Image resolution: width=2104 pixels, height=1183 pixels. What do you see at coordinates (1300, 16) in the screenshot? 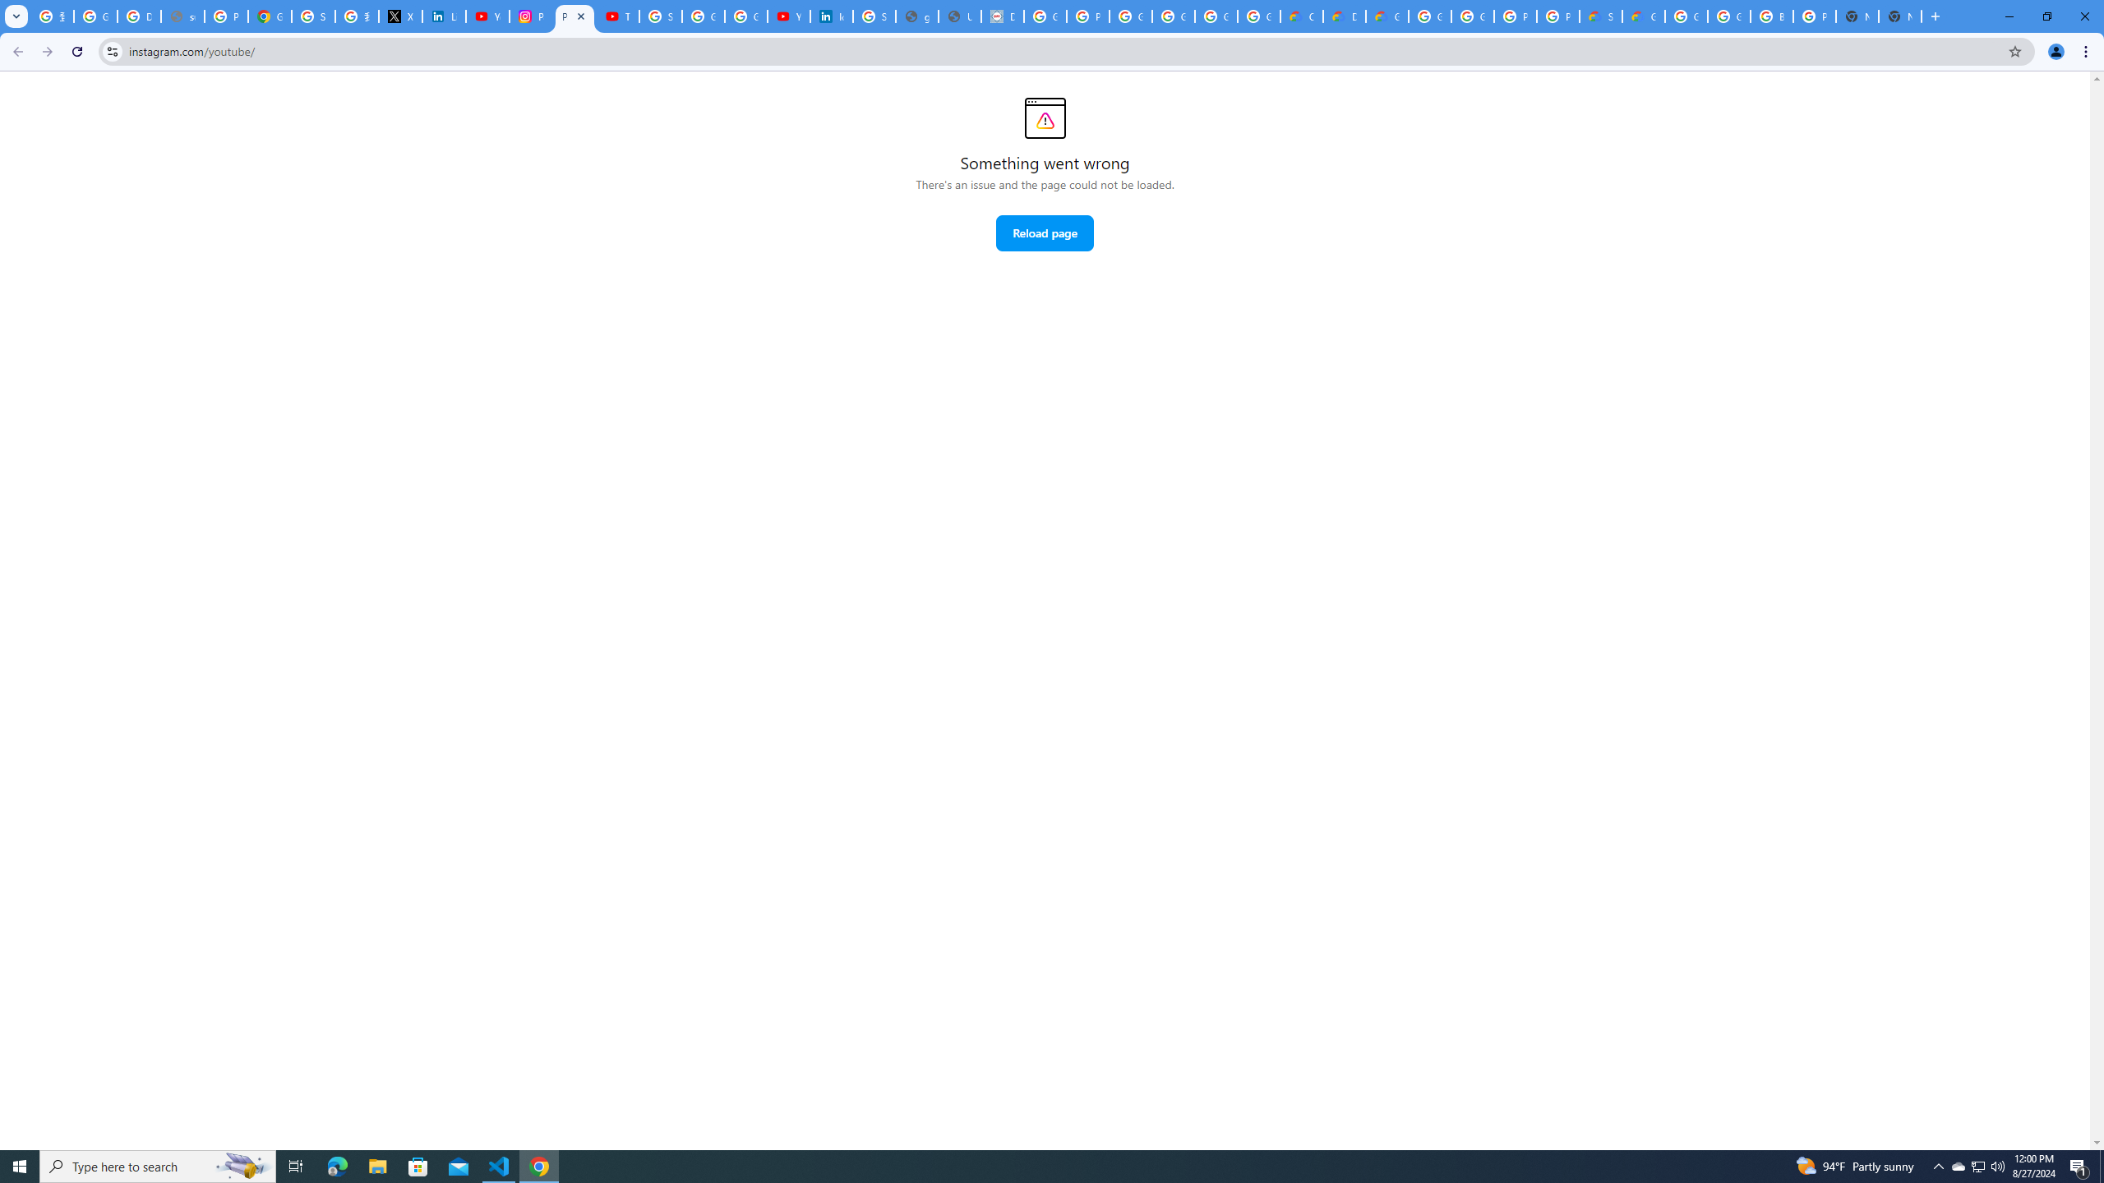
I see `'Customer Care | Google Cloud'` at bounding box center [1300, 16].